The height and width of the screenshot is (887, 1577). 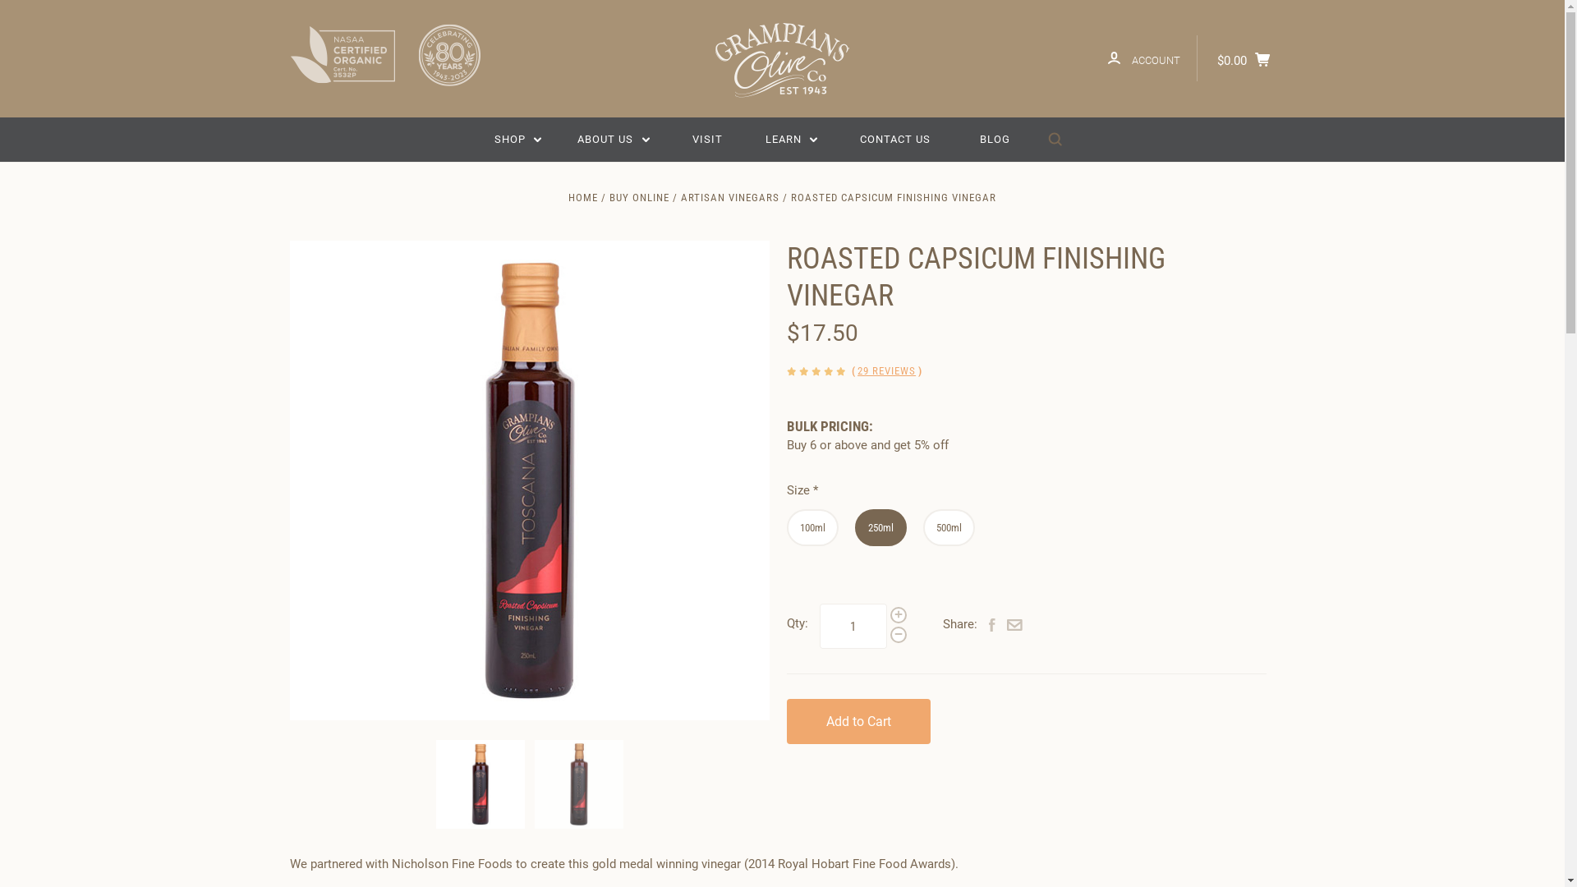 I want to click on 'SHOP DROPDOWN_ARROW', so click(x=517, y=138).